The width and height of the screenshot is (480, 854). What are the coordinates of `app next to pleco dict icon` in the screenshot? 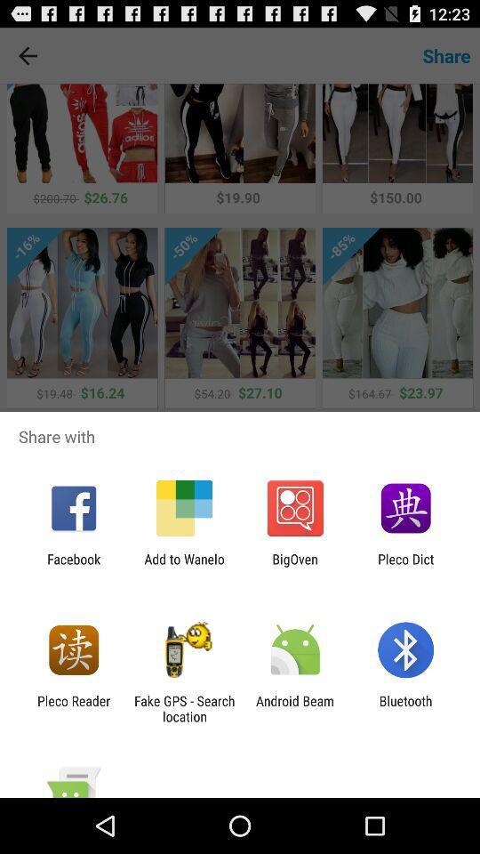 It's located at (295, 566).